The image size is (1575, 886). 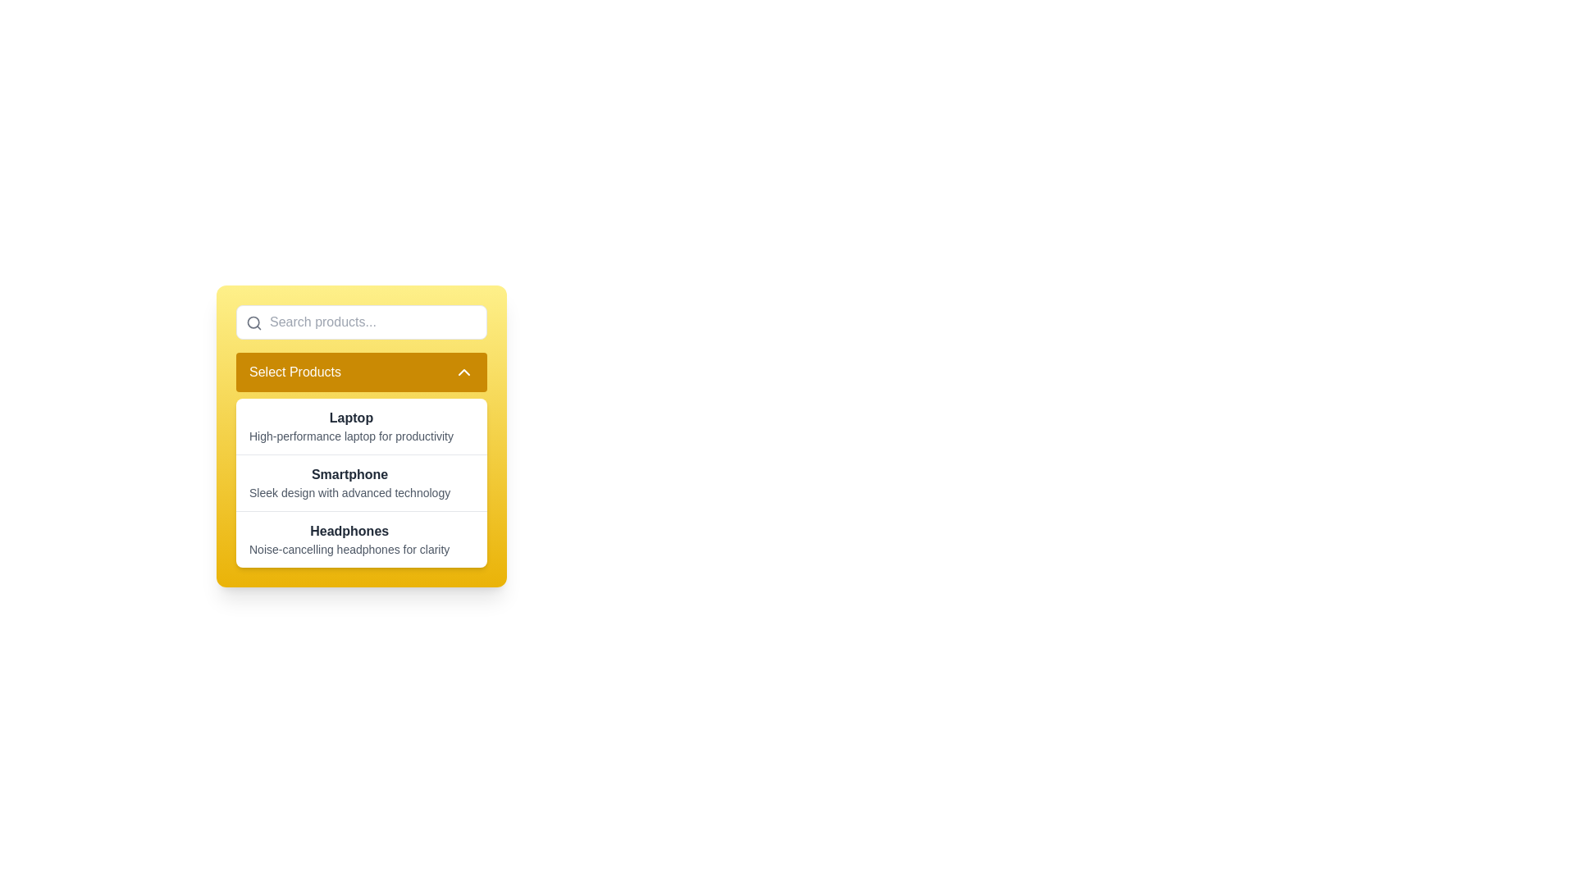 I want to click on the upward-facing chevron icon located within the yellow 'Select Products' button to potentially reveal a tooltip or interaction effect, so click(x=463, y=372).